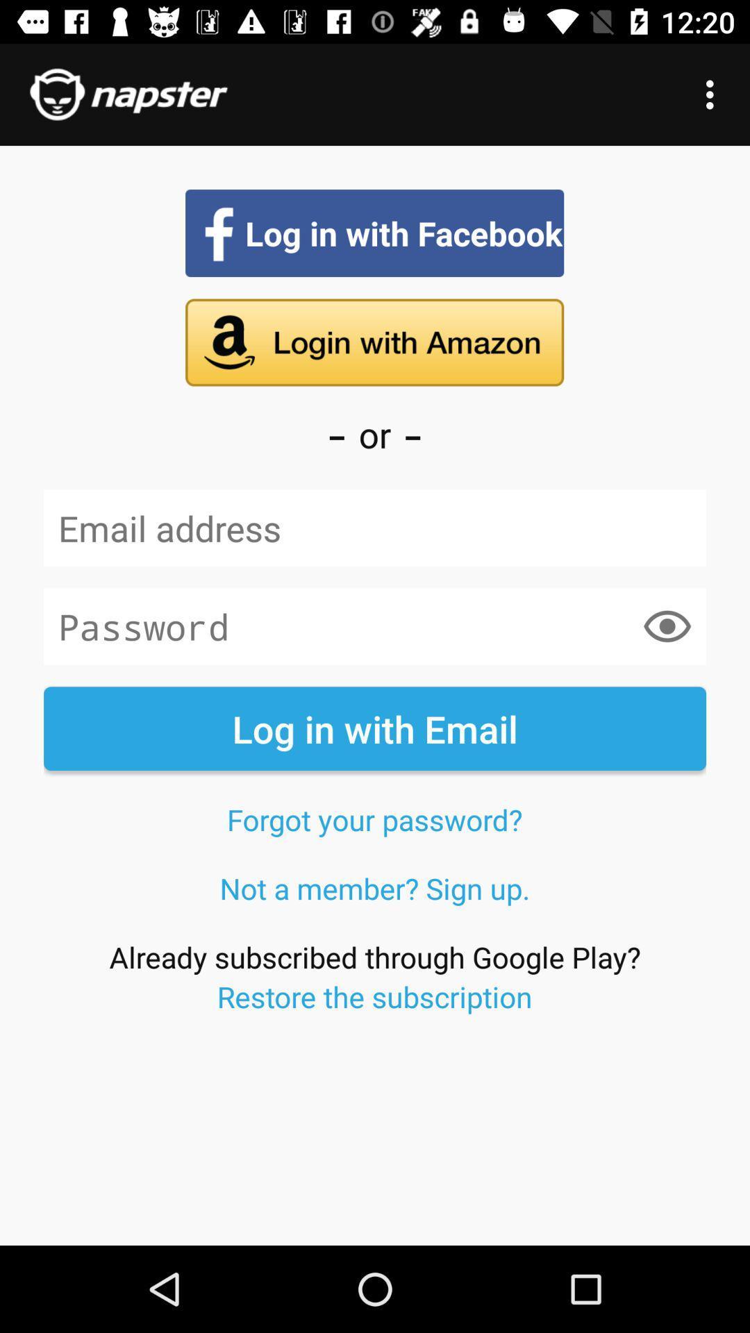 Image resolution: width=750 pixels, height=1333 pixels. I want to click on the icon above not a member, so click(374, 819).